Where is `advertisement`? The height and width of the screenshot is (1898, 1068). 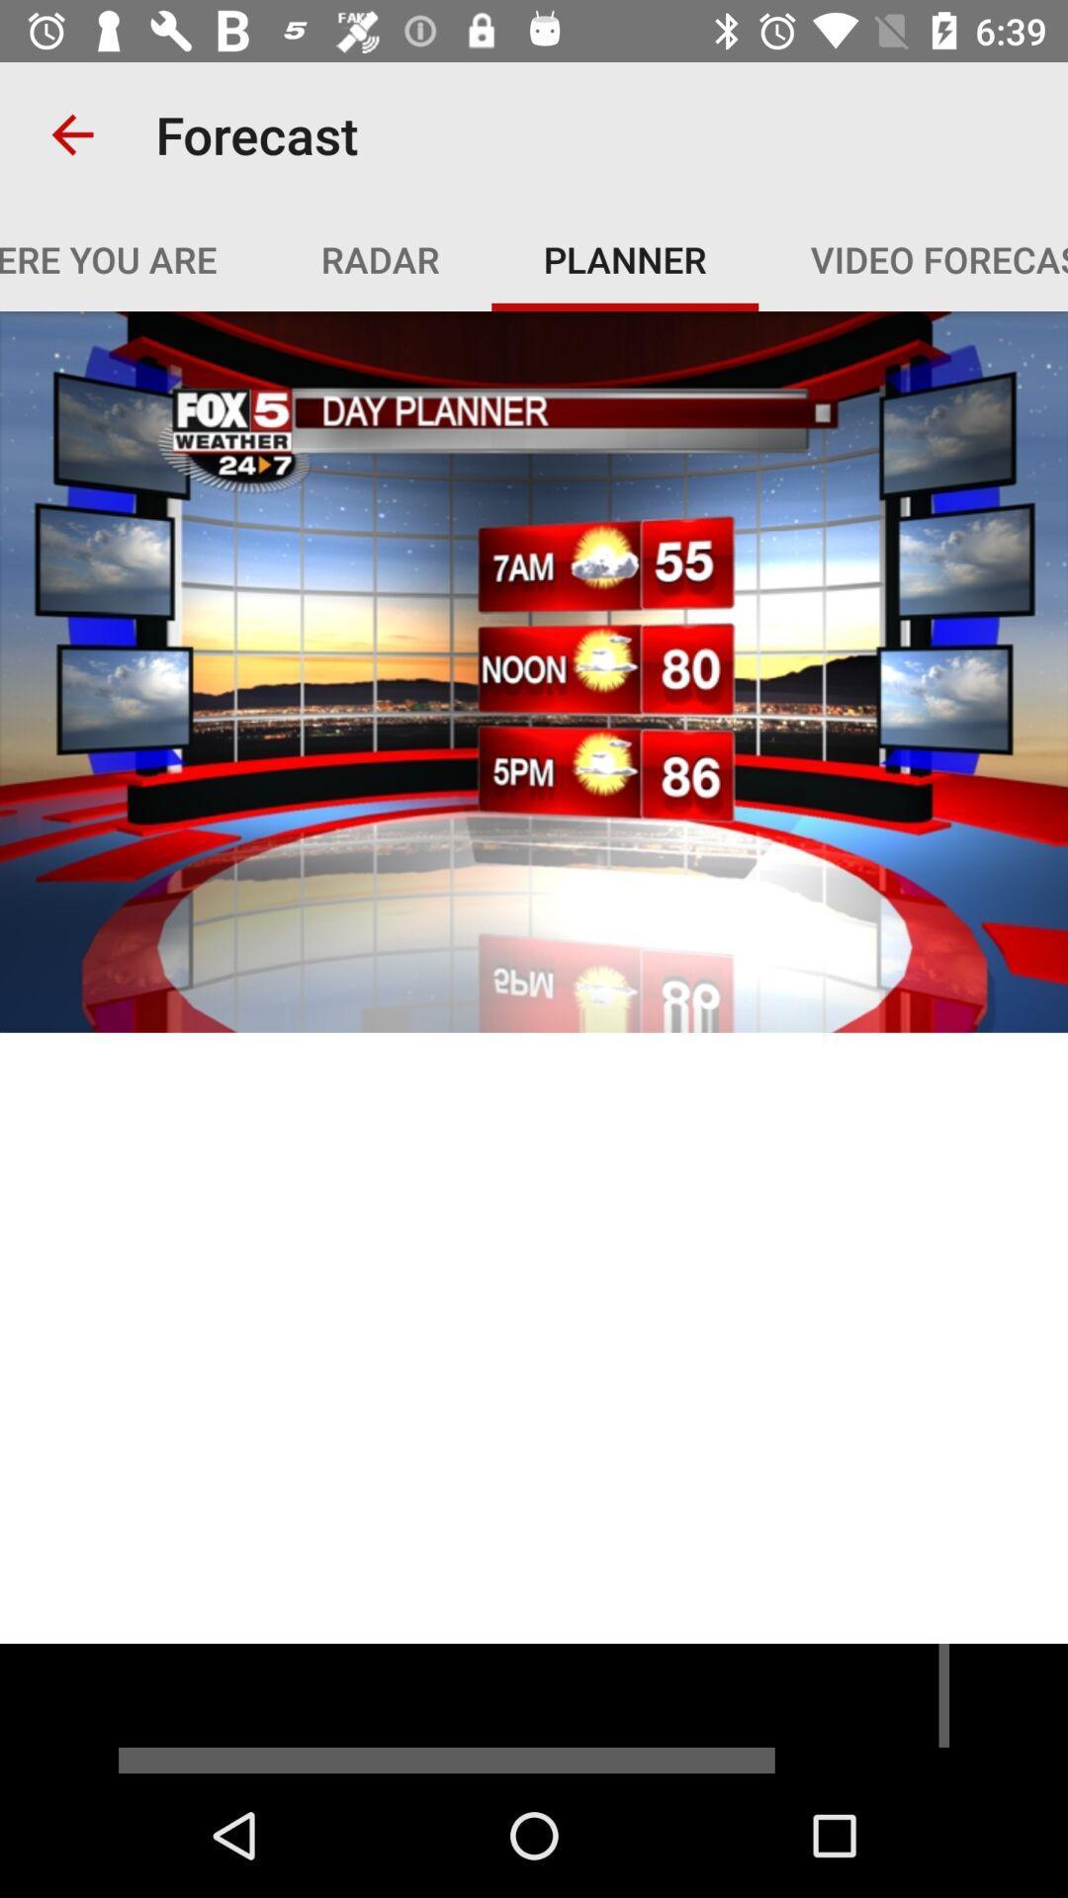 advertisement is located at coordinates (534, 1707).